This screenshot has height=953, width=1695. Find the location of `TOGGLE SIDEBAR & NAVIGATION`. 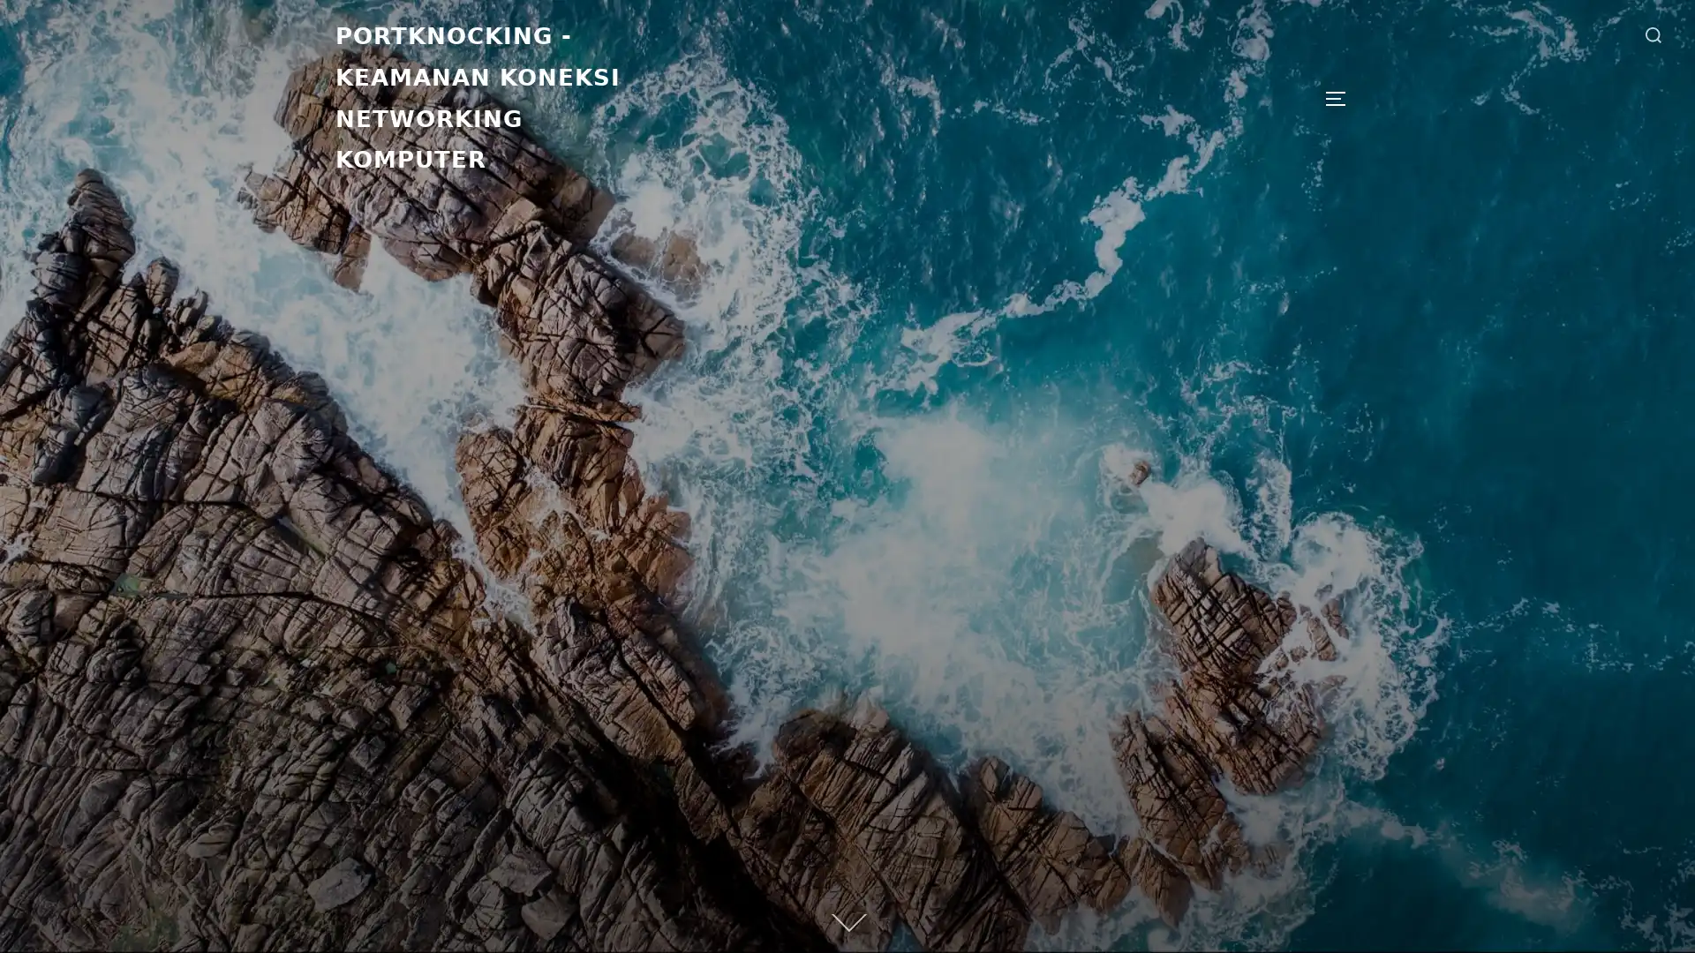

TOGGLE SIDEBAR & NAVIGATION is located at coordinates (1342, 98).